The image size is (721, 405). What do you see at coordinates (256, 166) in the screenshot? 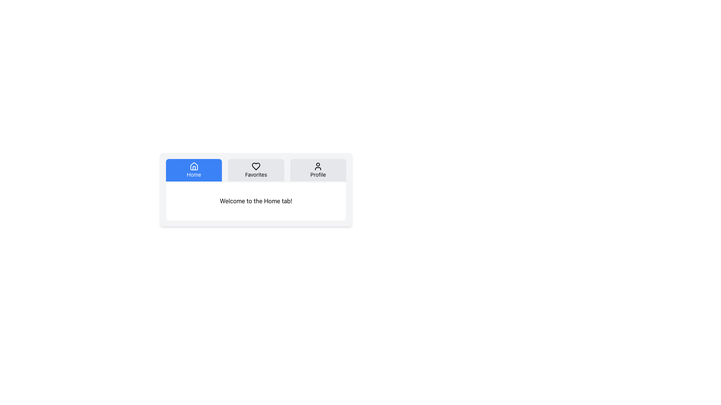
I see `the 'Favorites' icon in the middle of the navigation bar` at bounding box center [256, 166].